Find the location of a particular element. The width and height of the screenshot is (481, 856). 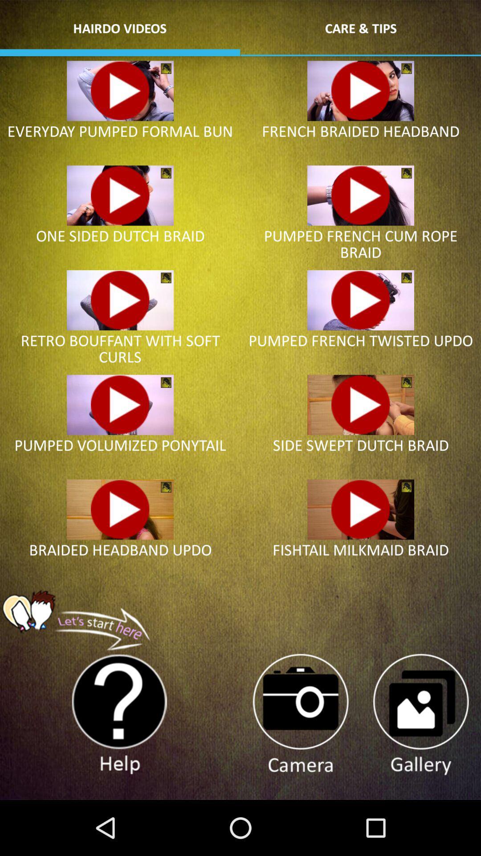

camera application is located at coordinates (300, 715).